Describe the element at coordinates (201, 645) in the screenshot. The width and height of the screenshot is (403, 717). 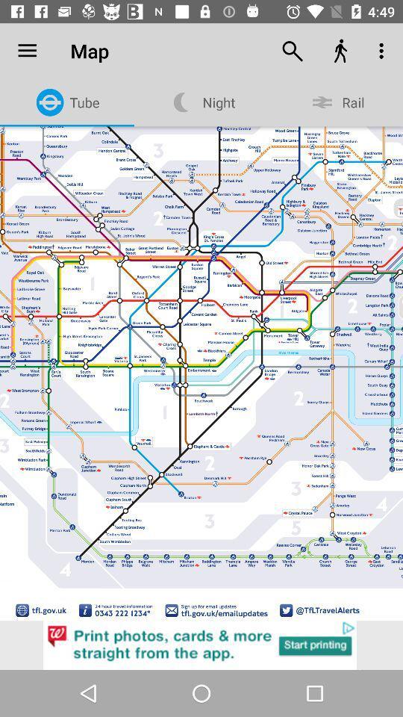
I see `advertisement` at that location.